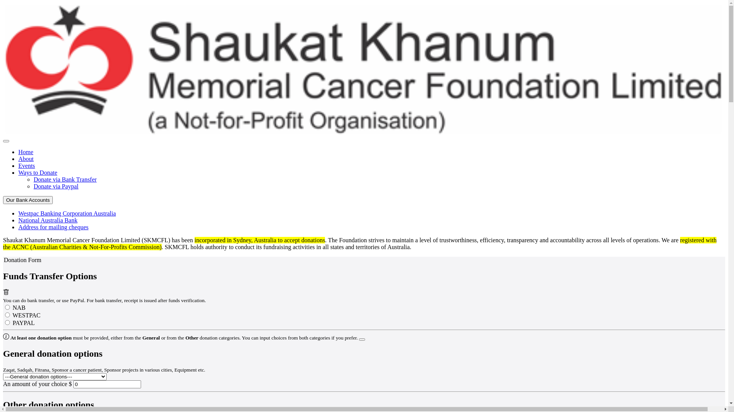  I want to click on 'Donate via Bank Transfer', so click(65, 179).